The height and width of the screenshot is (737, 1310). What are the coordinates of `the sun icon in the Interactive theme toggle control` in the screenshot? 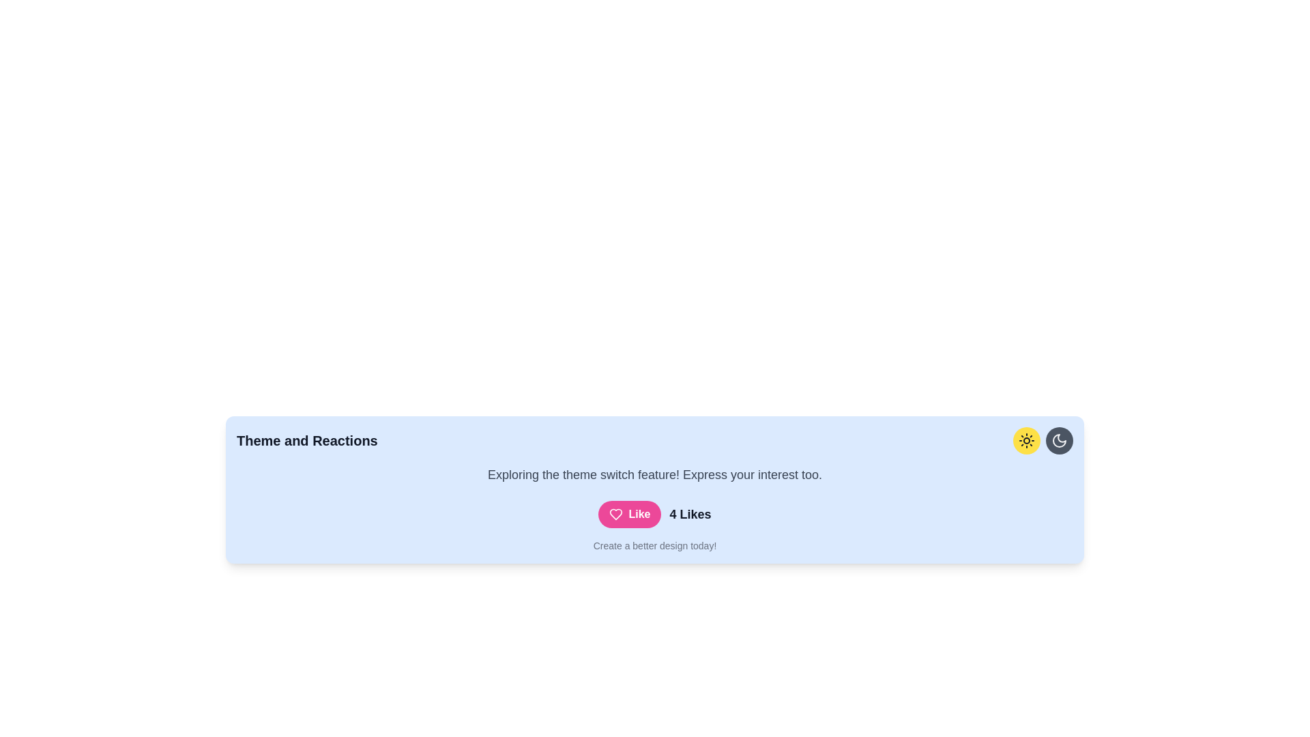 It's located at (1043, 440).